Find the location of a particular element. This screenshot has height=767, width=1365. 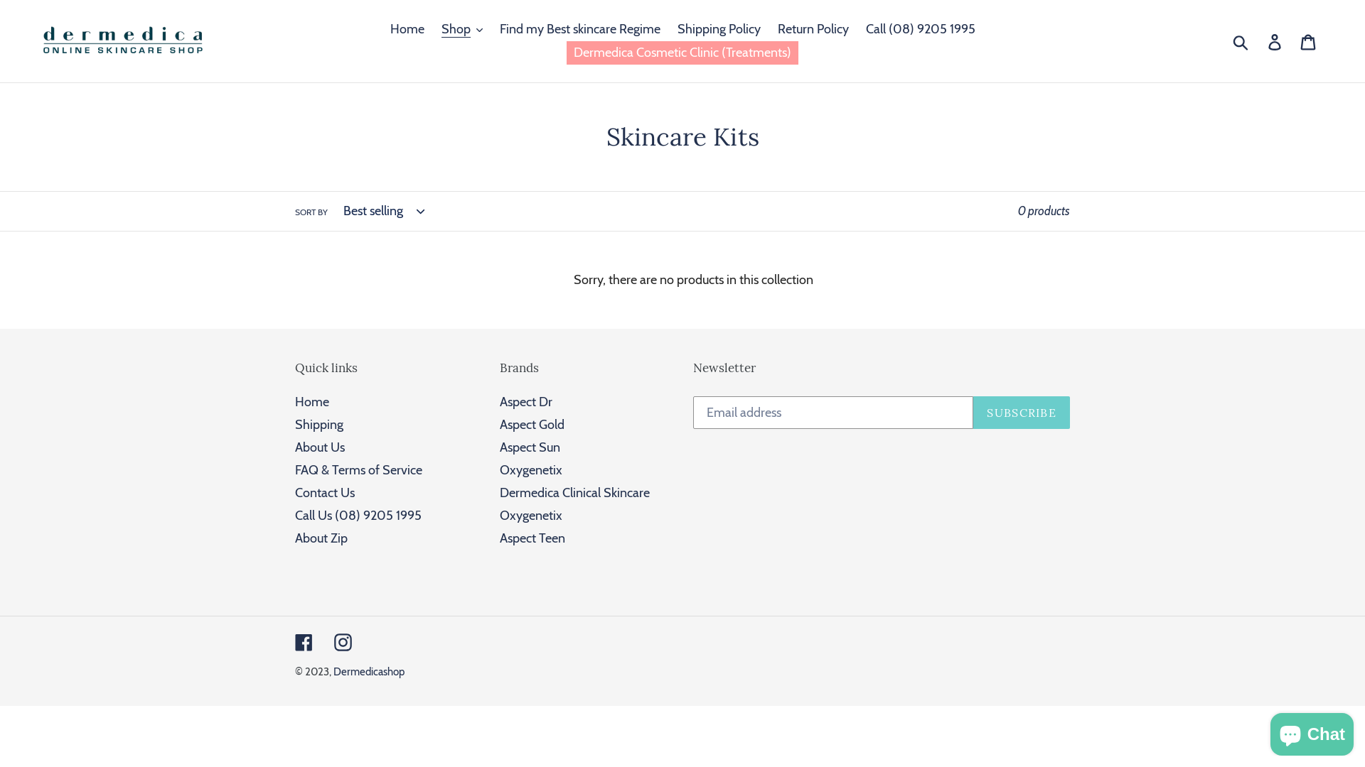

'Return Policy' is located at coordinates (770, 29).